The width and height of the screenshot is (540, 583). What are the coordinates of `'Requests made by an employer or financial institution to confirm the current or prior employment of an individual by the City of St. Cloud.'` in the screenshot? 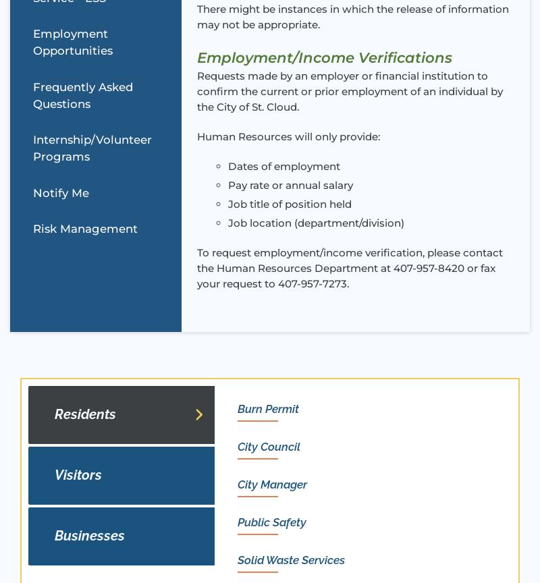 It's located at (348, 90).